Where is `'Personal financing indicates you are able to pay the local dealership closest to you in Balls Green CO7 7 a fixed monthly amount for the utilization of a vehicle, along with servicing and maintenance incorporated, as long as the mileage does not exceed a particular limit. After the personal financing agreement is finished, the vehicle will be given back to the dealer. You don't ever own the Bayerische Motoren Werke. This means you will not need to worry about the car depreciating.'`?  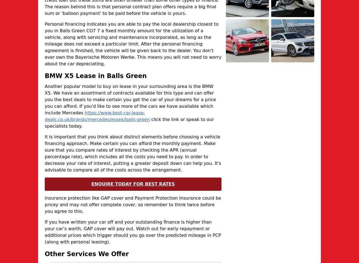
'Personal financing indicates you are able to pay the local dealership closest to you in Balls Green CO7 7 a fixed monthly amount for the utilization of a vehicle, along with servicing and maintenance incorporated, as long as the mileage does not exceed a particular limit. After the personal financing agreement is finished, the vehicle will be given back to the dealer. You don't ever own the Bayerische Motoren Werke. This means you will not need to worry about the car depreciating.' is located at coordinates (44, 43).